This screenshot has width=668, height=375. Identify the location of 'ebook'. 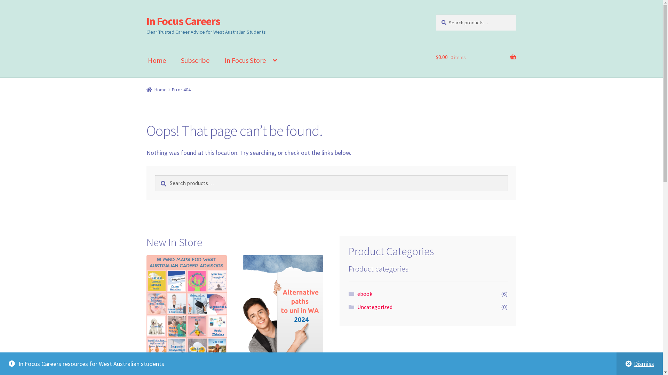
(364, 293).